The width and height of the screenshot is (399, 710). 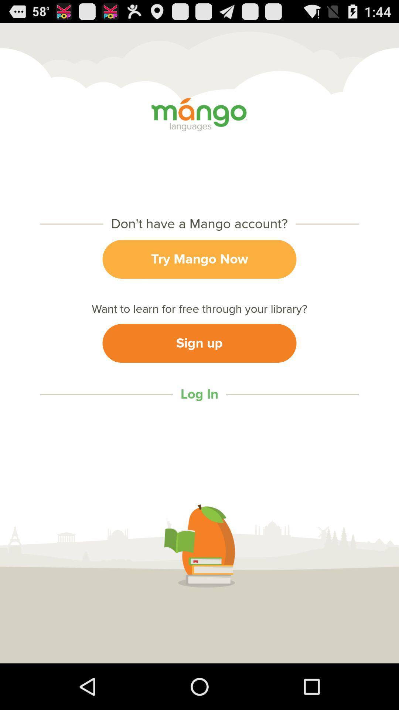 I want to click on log in item, so click(x=199, y=394).